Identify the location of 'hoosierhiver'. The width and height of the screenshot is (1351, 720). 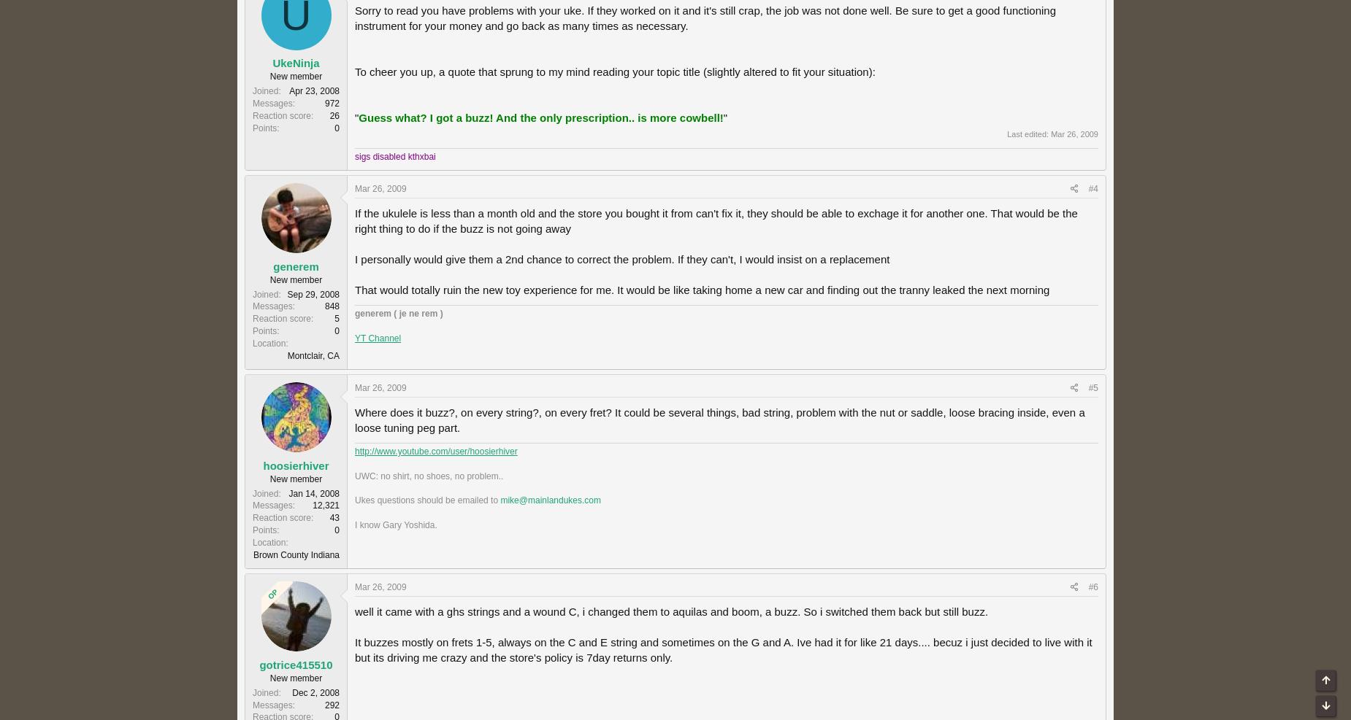
(294, 465).